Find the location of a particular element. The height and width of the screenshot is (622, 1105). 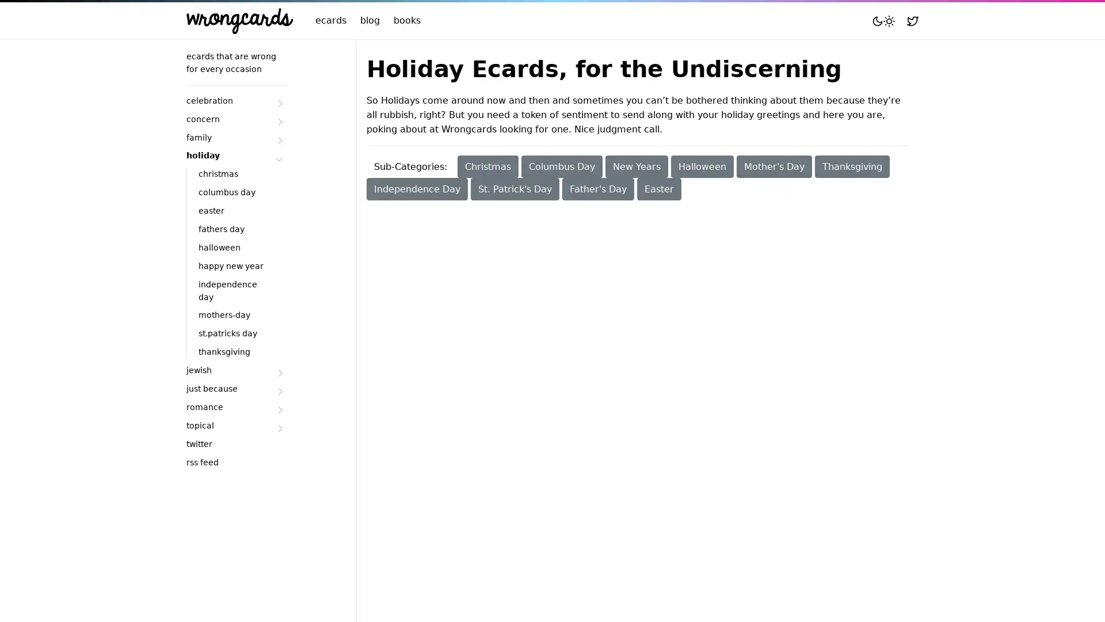

Submenu is located at coordinates (279, 102).